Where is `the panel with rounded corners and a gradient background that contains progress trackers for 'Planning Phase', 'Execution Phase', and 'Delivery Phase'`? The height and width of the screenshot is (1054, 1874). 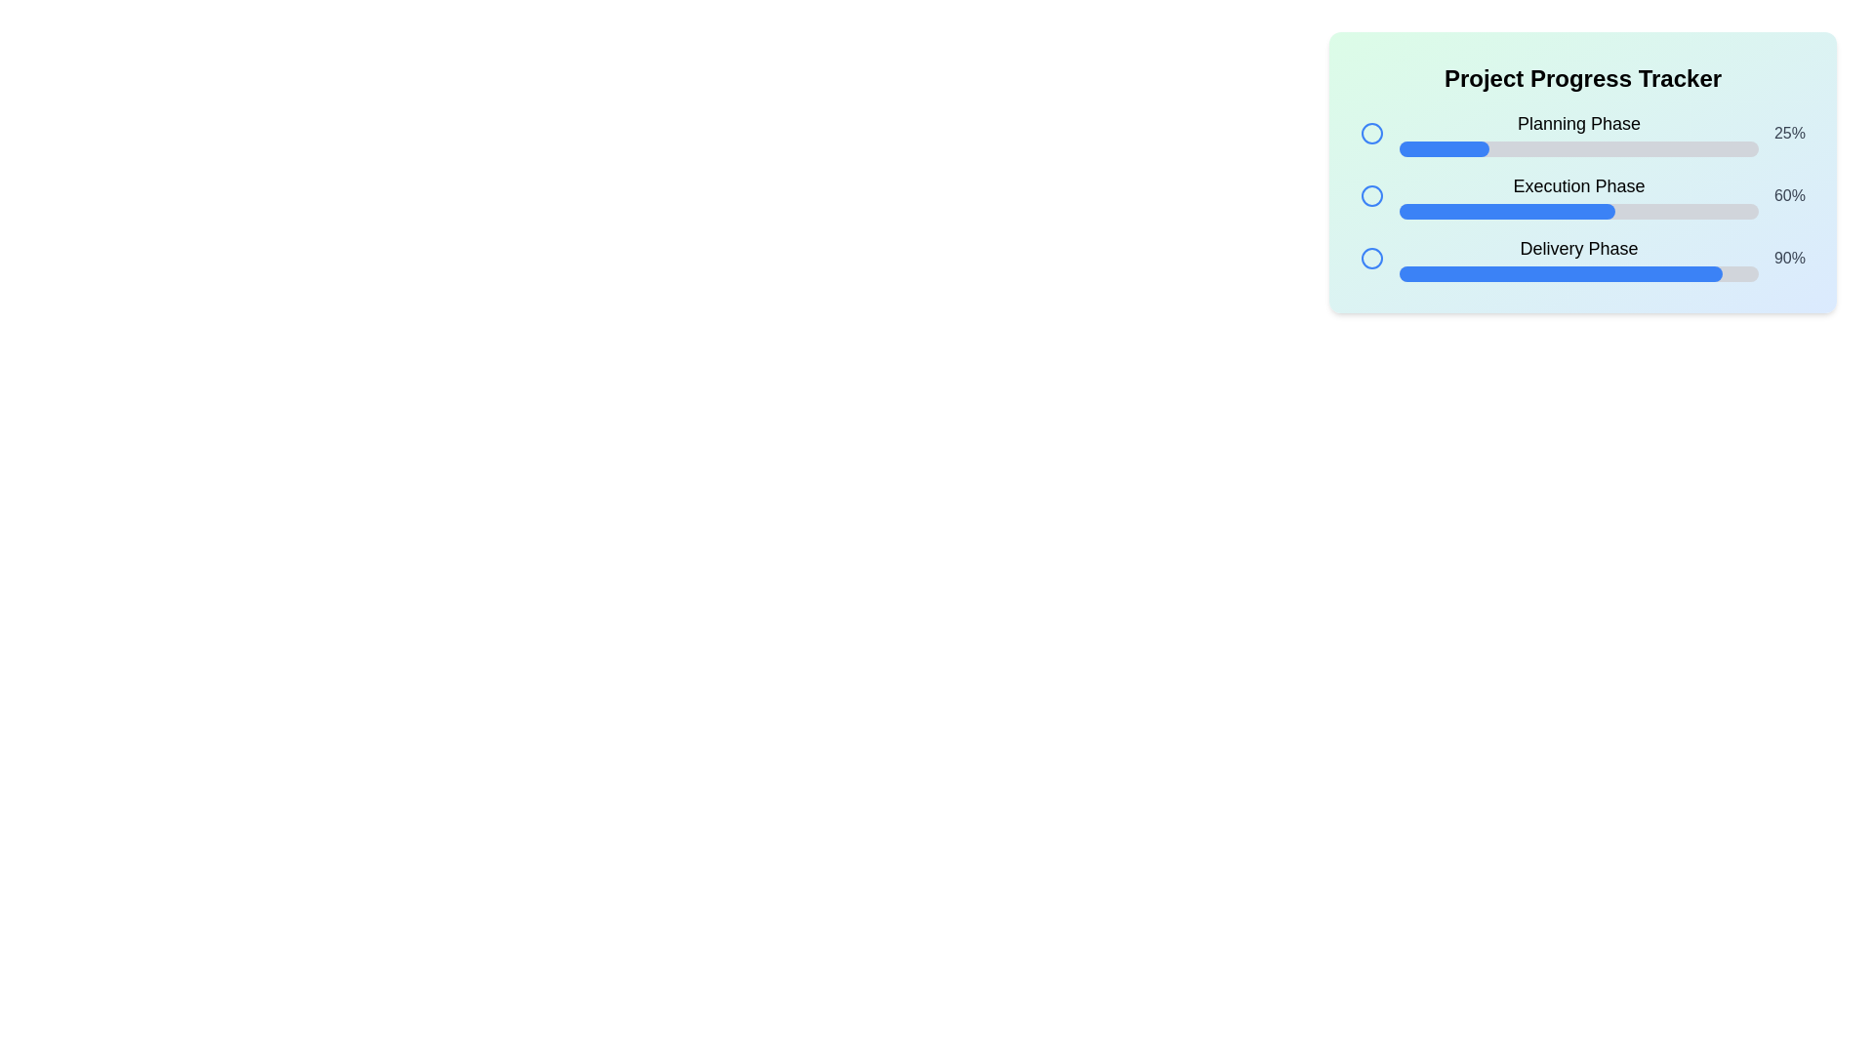 the panel with rounded corners and a gradient background that contains progress trackers for 'Planning Phase', 'Execution Phase', and 'Delivery Phase' is located at coordinates (1583, 172).